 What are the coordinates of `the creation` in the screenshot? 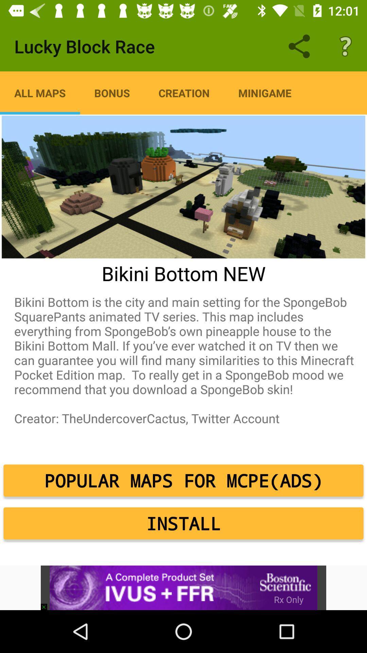 It's located at (184, 93).